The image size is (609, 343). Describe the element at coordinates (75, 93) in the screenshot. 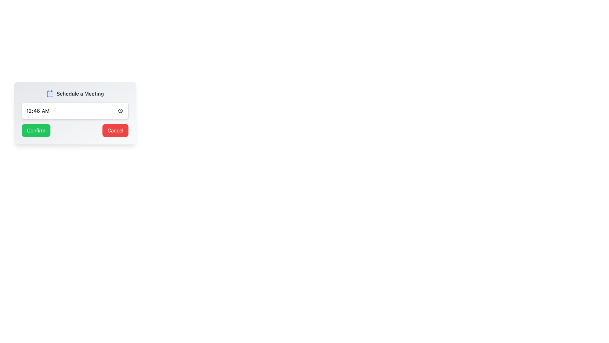

I see `the 'Schedule a Meeting' label which is styled in bold gray font with a blue calendar icon, located at the top center of the modal` at that location.